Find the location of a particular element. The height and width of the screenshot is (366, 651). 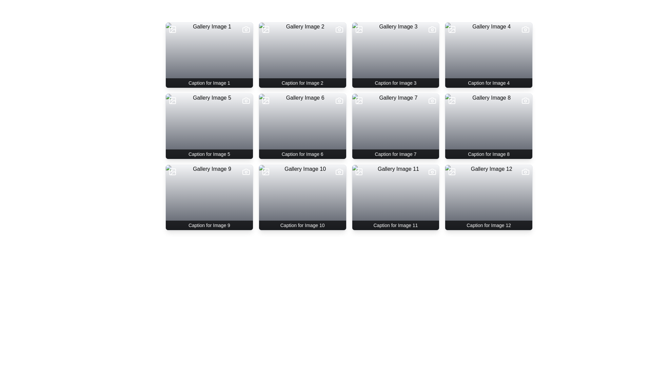

the Decorative icon located in the top-left corner of the gallery item labeled 'Gallery Image 11' with caption 'Caption for Image 11' is located at coordinates (358, 171).